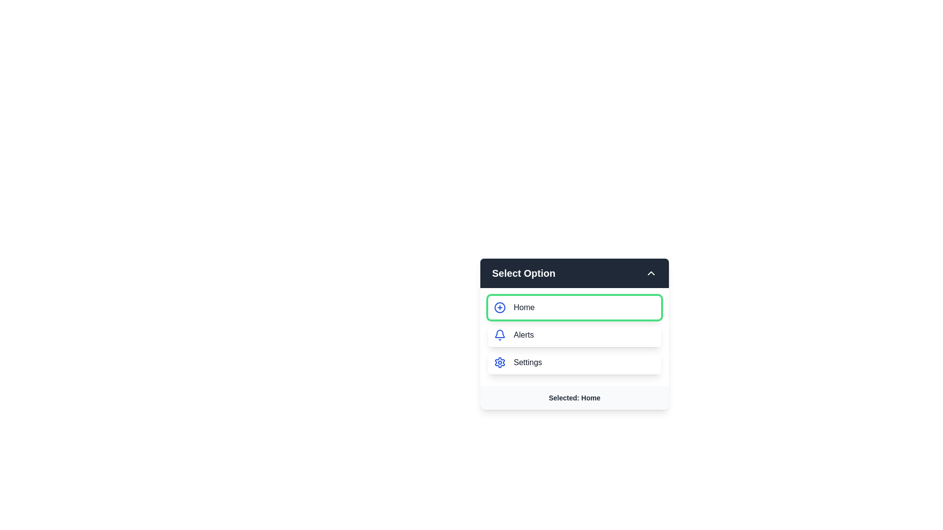 This screenshot has height=530, width=943. I want to click on the 'Alerts' button, which is the second option in the vertically aligned group of options, positioned below 'Home' and above 'Settings', so click(575, 334).